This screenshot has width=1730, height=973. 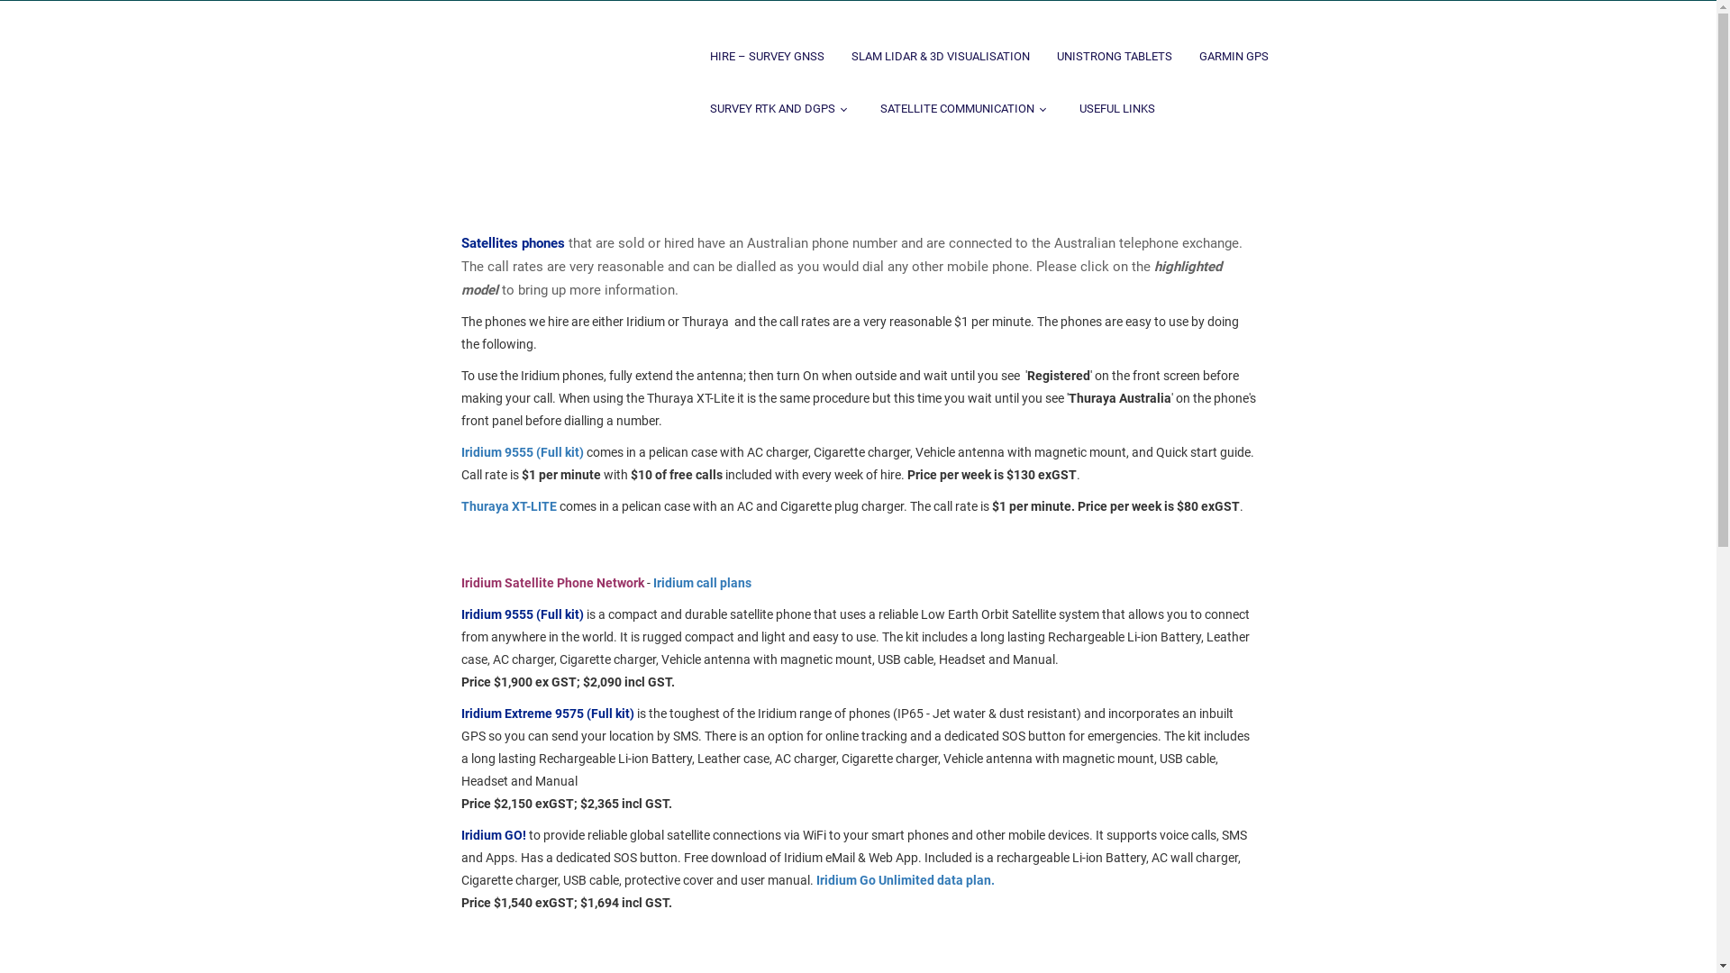 I want to click on 'Iridium GO!', so click(x=493, y=834).